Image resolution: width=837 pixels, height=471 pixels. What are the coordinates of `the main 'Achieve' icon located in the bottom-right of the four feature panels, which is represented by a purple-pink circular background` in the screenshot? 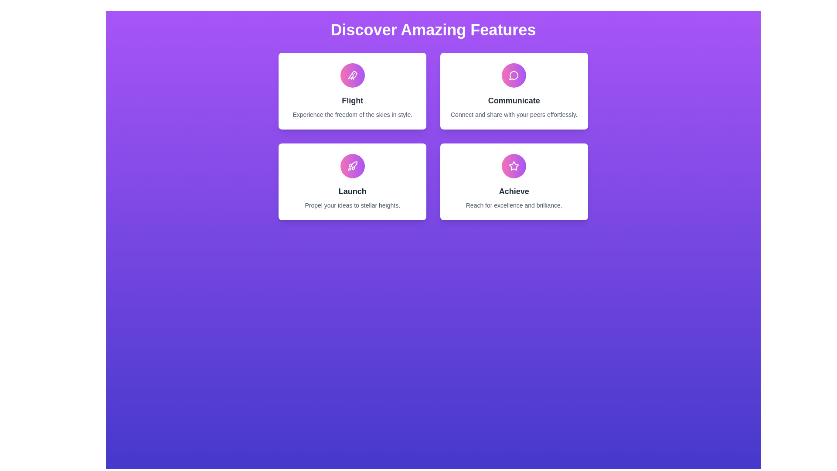 It's located at (514, 166).